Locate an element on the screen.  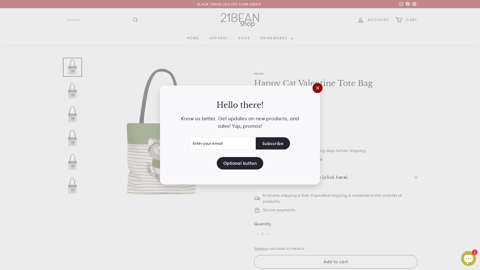
'Add to cart' is located at coordinates (336, 261).